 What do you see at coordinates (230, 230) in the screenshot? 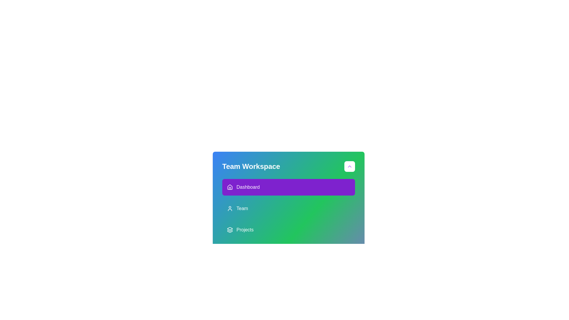
I see `the layered graphical icon representing the 'Projects' menu item by moving the cursor to its center point` at bounding box center [230, 230].